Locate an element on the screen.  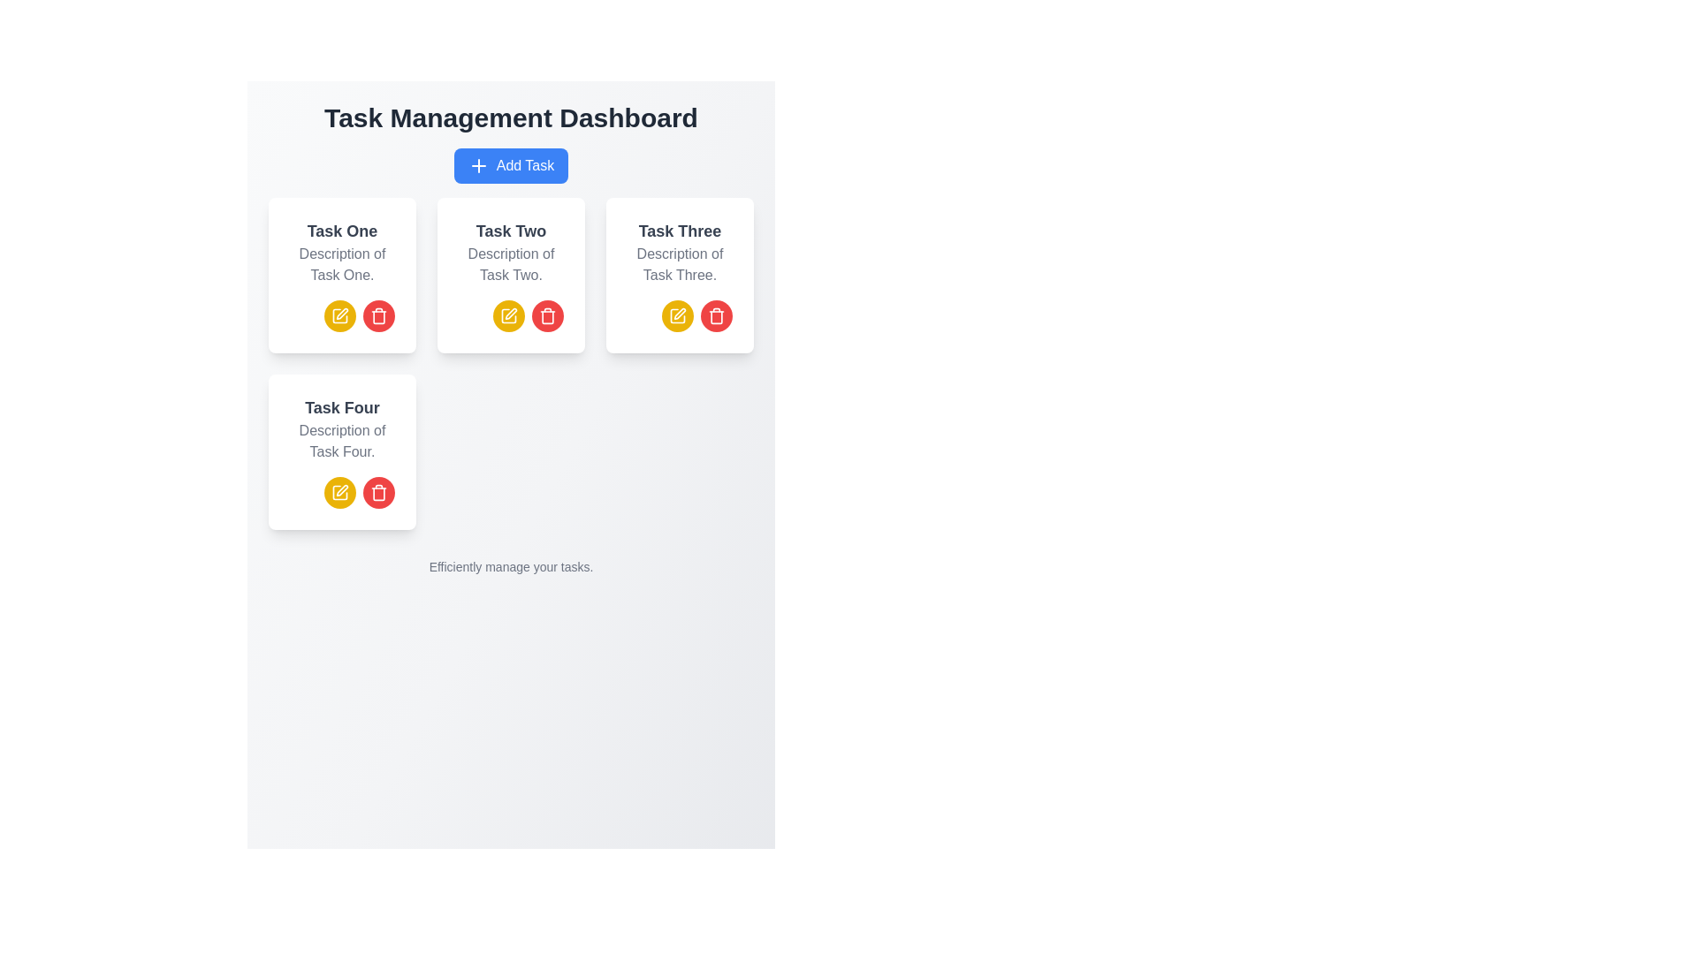
the delete button located at the bottom-right corner of the task card labeled 'Task Four' is located at coordinates (377, 493).